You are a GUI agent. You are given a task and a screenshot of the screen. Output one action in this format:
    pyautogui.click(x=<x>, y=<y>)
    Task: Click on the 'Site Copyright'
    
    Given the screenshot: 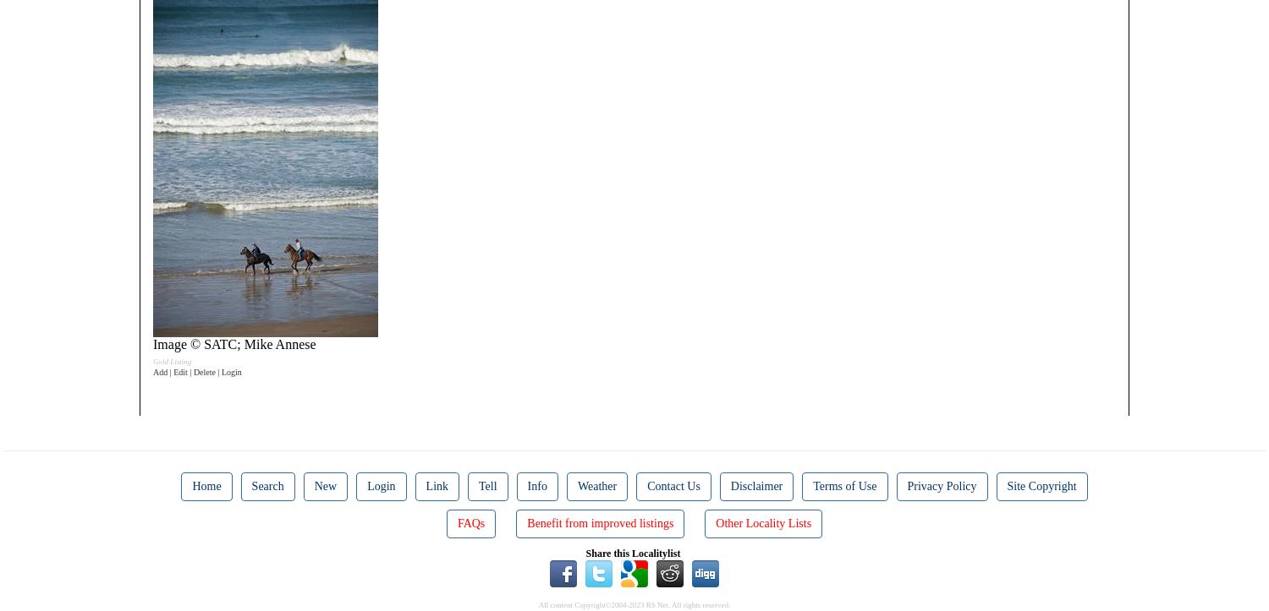 What is the action you would take?
    pyautogui.click(x=1041, y=485)
    